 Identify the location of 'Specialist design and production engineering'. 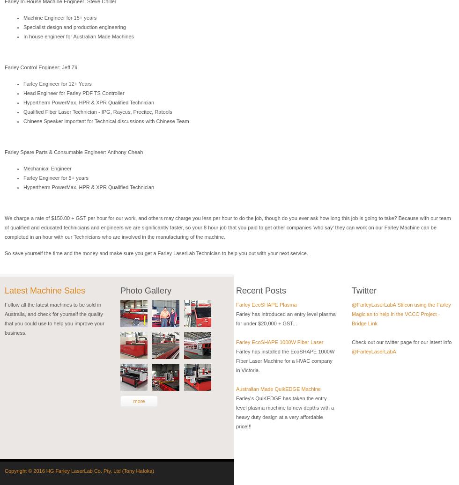
(74, 27).